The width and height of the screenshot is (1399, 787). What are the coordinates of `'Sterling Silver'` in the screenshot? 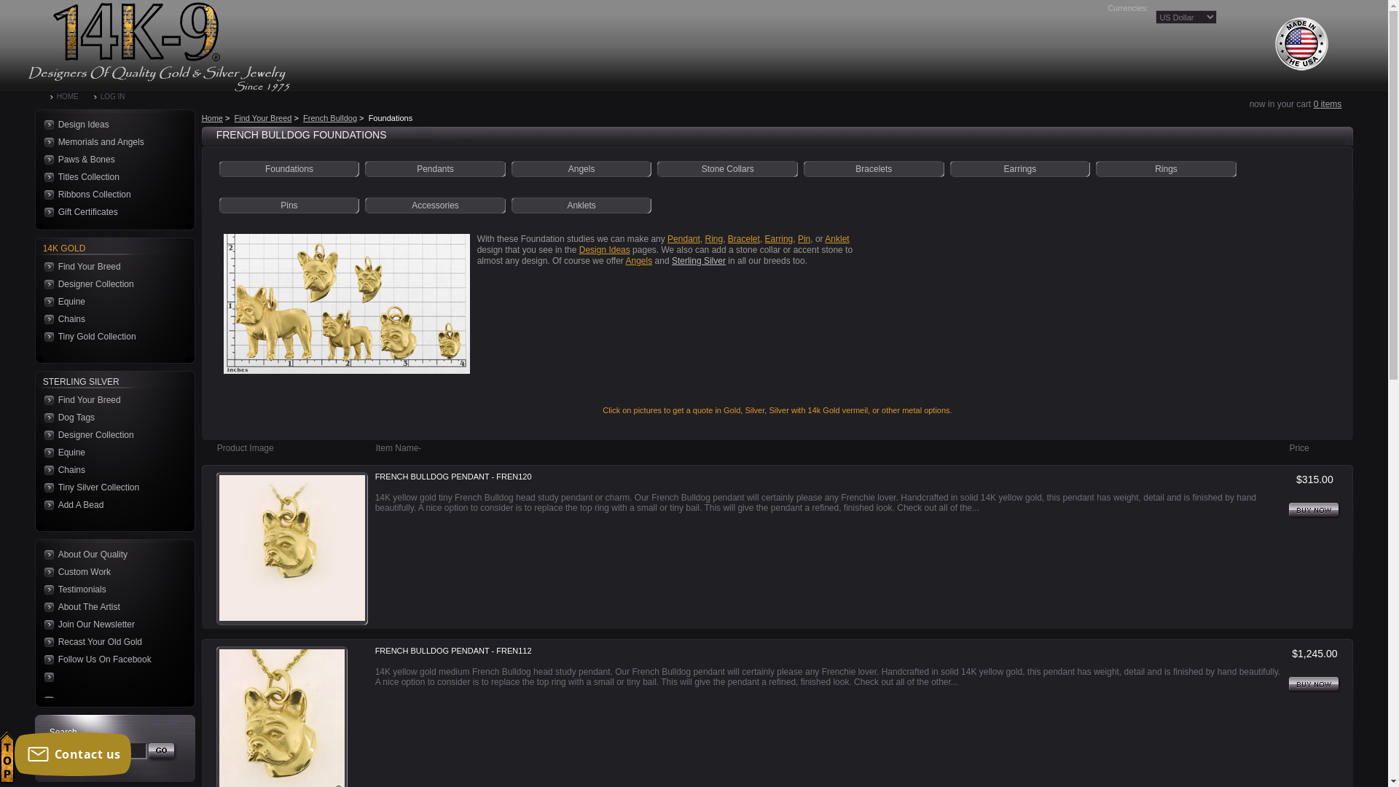 It's located at (670, 260).